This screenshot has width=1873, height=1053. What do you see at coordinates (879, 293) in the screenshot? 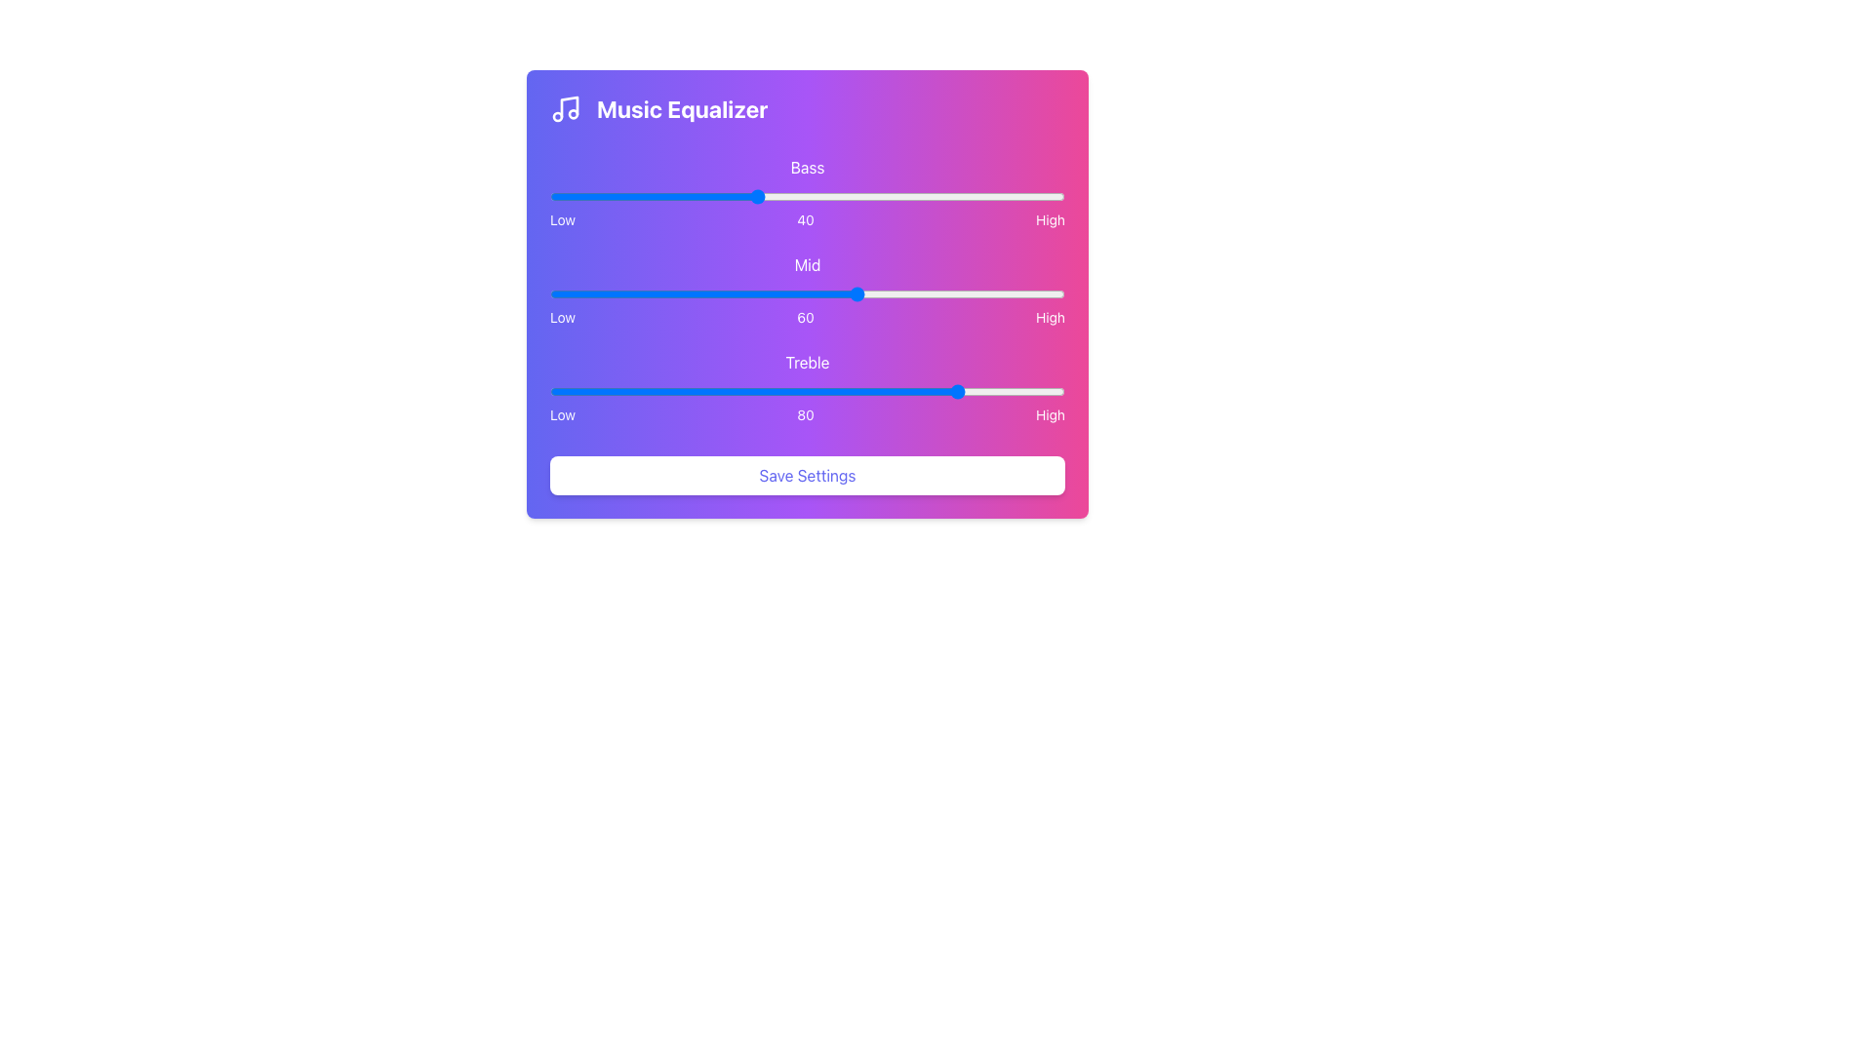
I see `mid-range frequency` at bounding box center [879, 293].